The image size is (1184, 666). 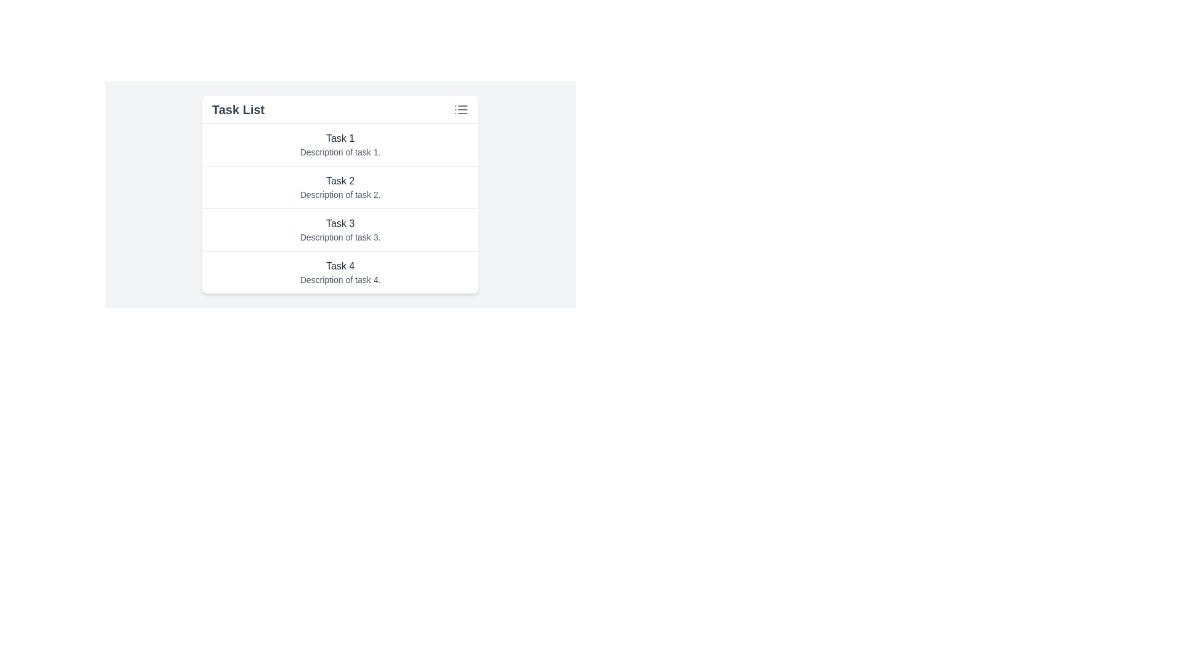 I want to click on text content of the description label located immediately below the title text 'Task 1' in the task list interface, so click(x=340, y=151).